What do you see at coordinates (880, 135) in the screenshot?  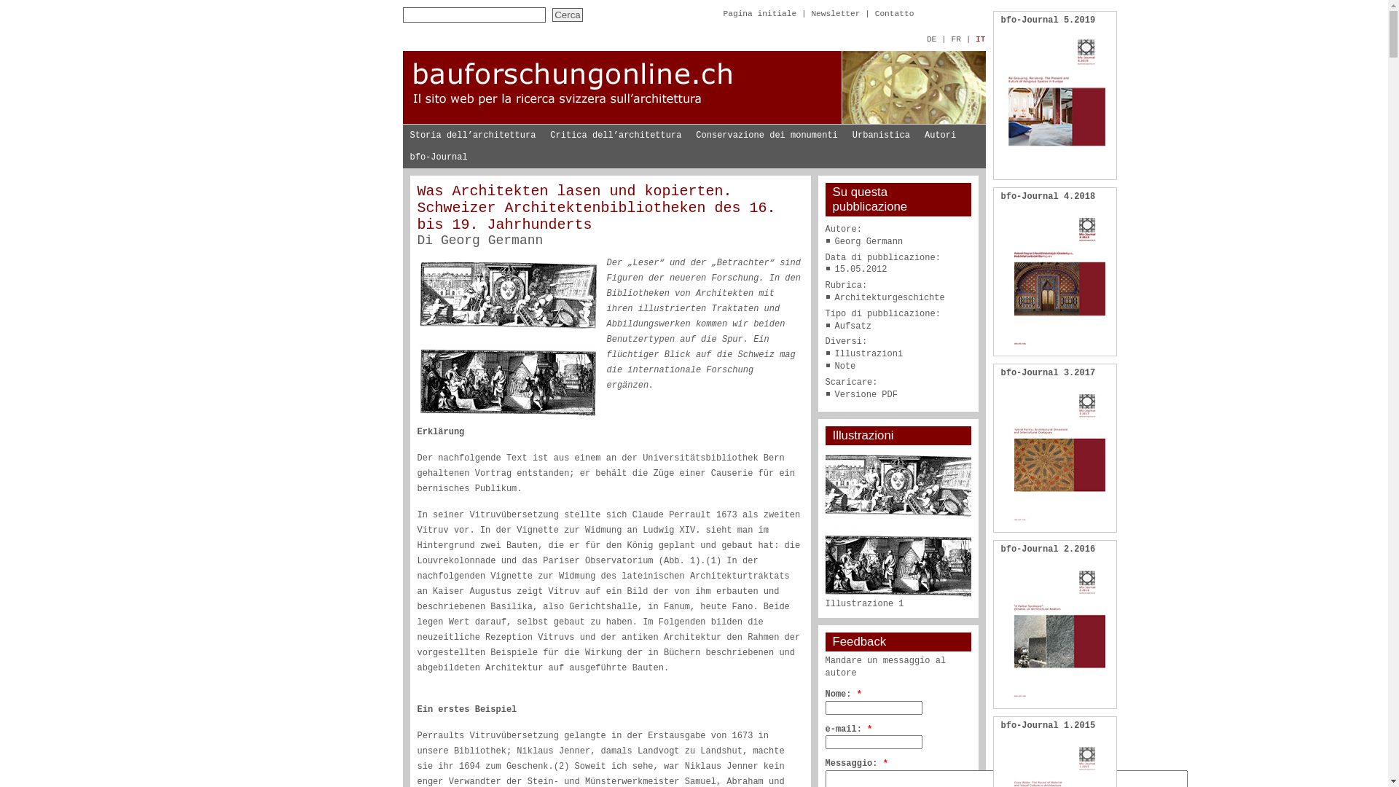 I see `'Urbanistica'` at bounding box center [880, 135].